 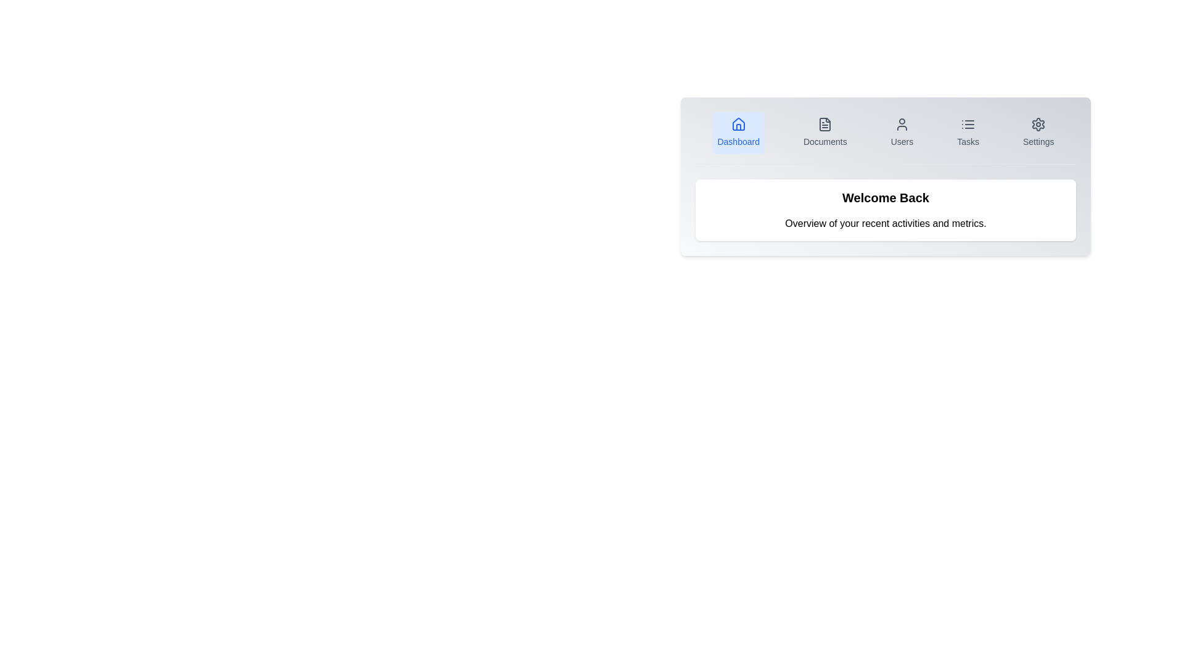 What do you see at coordinates (967, 141) in the screenshot?
I see `text label displaying 'Tasks' which is positioned below a list/menu icon in the top-right navigation bar` at bounding box center [967, 141].